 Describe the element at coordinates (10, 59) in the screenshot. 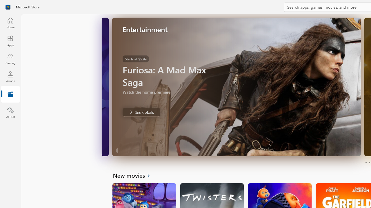

I see `'Gaming'` at that location.